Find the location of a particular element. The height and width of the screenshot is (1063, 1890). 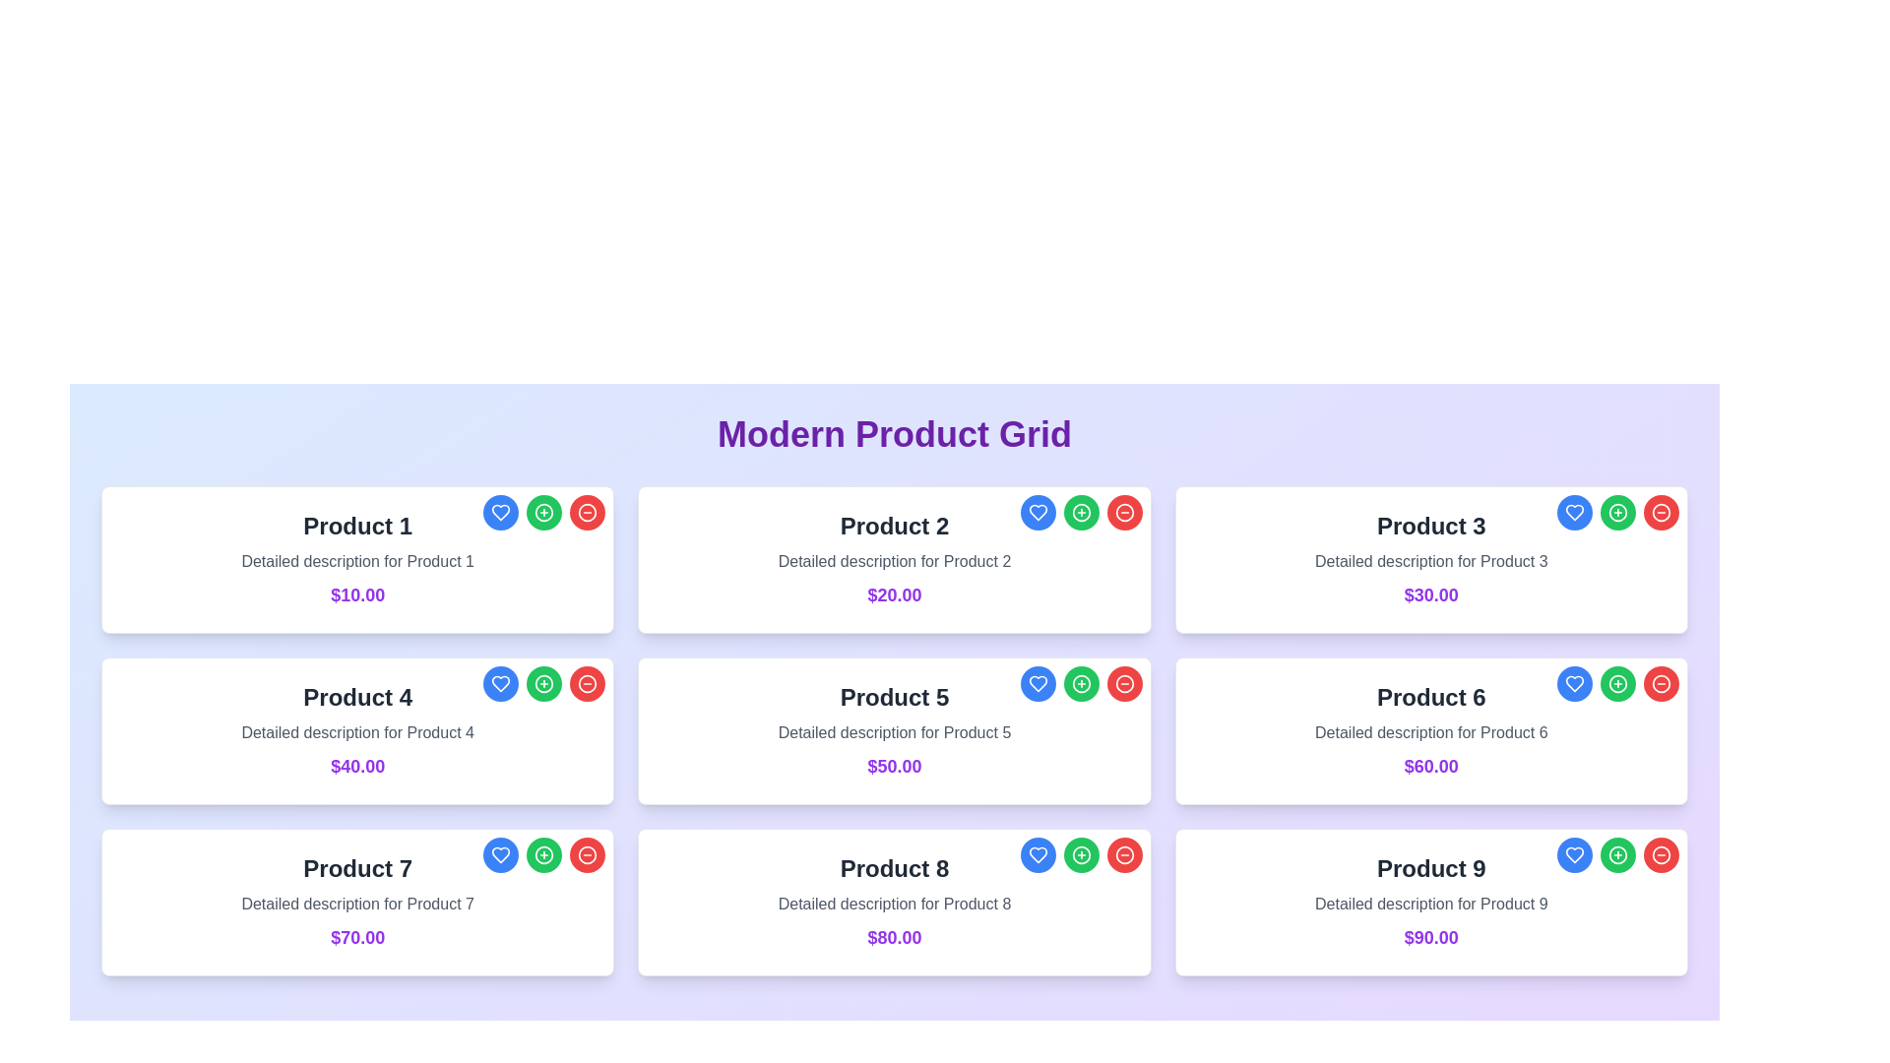

the circular green button with a plus symbol (+) located in the card for 'Product 7' is located at coordinates (544, 853).